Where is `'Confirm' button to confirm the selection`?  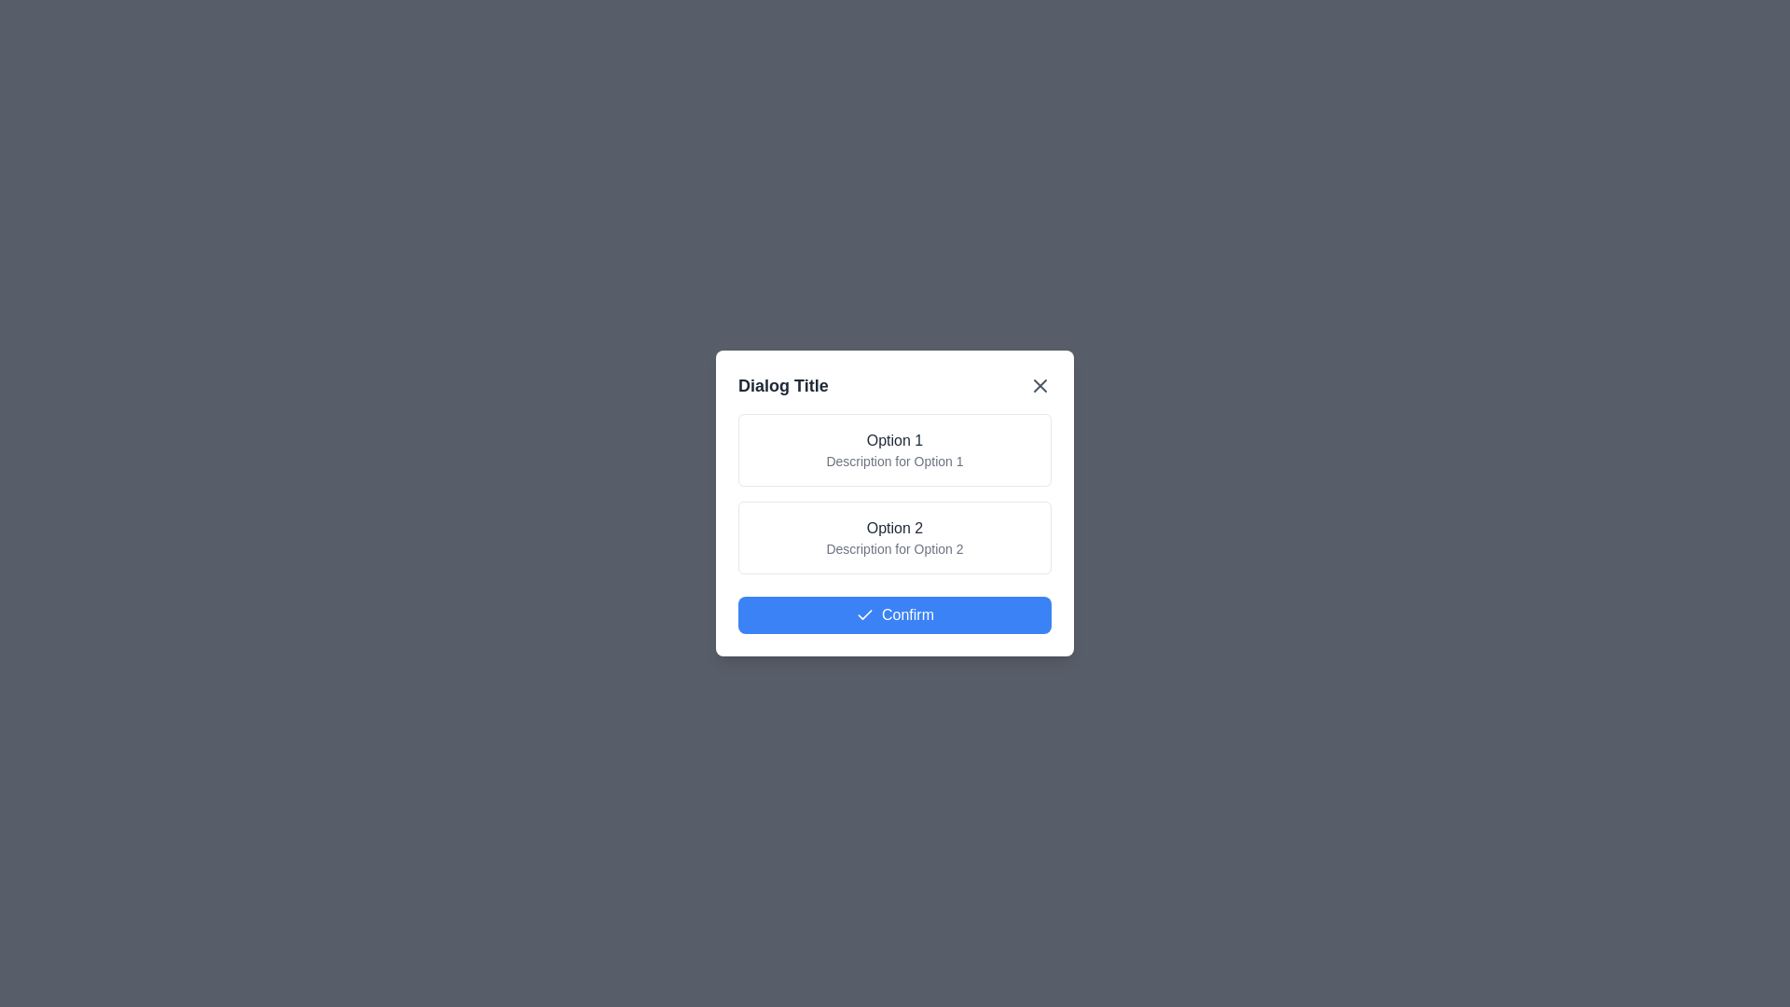 'Confirm' button to confirm the selection is located at coordinates (895, 614).